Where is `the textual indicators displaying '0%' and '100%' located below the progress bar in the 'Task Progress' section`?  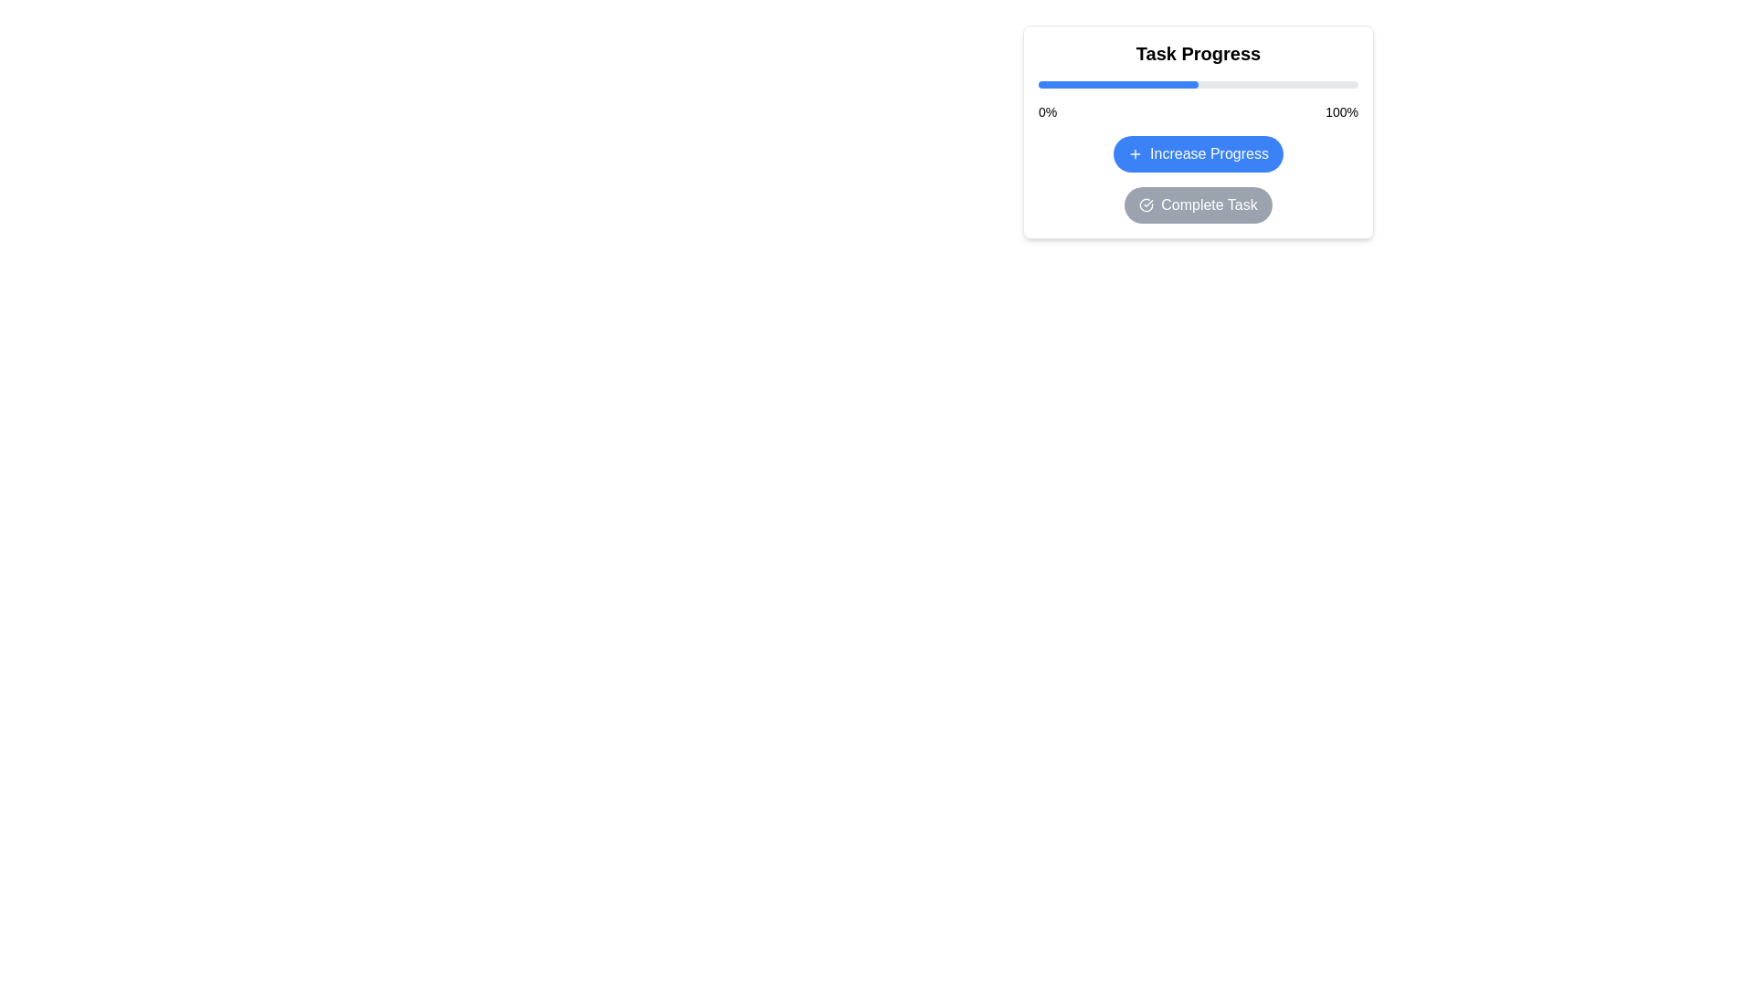 the textual indicators displaying '0%' and '100%' located below the progress bar in the 'Task Progress' section is located at coordinates (1198, 112).